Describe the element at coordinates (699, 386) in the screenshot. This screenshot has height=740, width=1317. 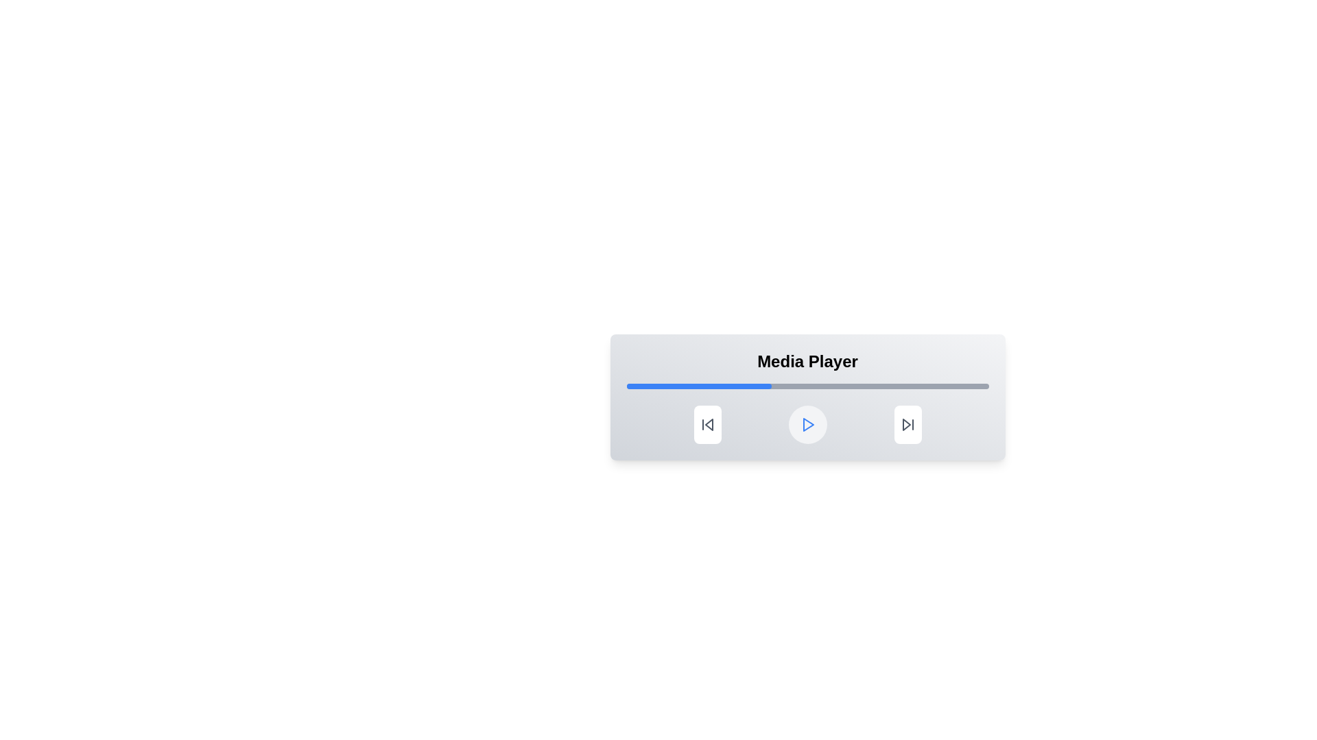
I see `the blue progress bar segment, which is part of the media player's interface and visually distinct against the gray background` at that location.